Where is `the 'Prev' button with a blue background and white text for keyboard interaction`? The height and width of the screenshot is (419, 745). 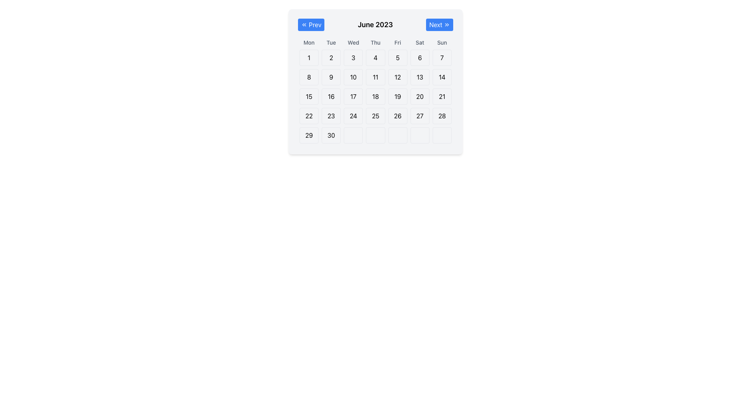
the 'Prev' button with a blue background and white text for keyboard interaction is located at coordinates (311, 24).